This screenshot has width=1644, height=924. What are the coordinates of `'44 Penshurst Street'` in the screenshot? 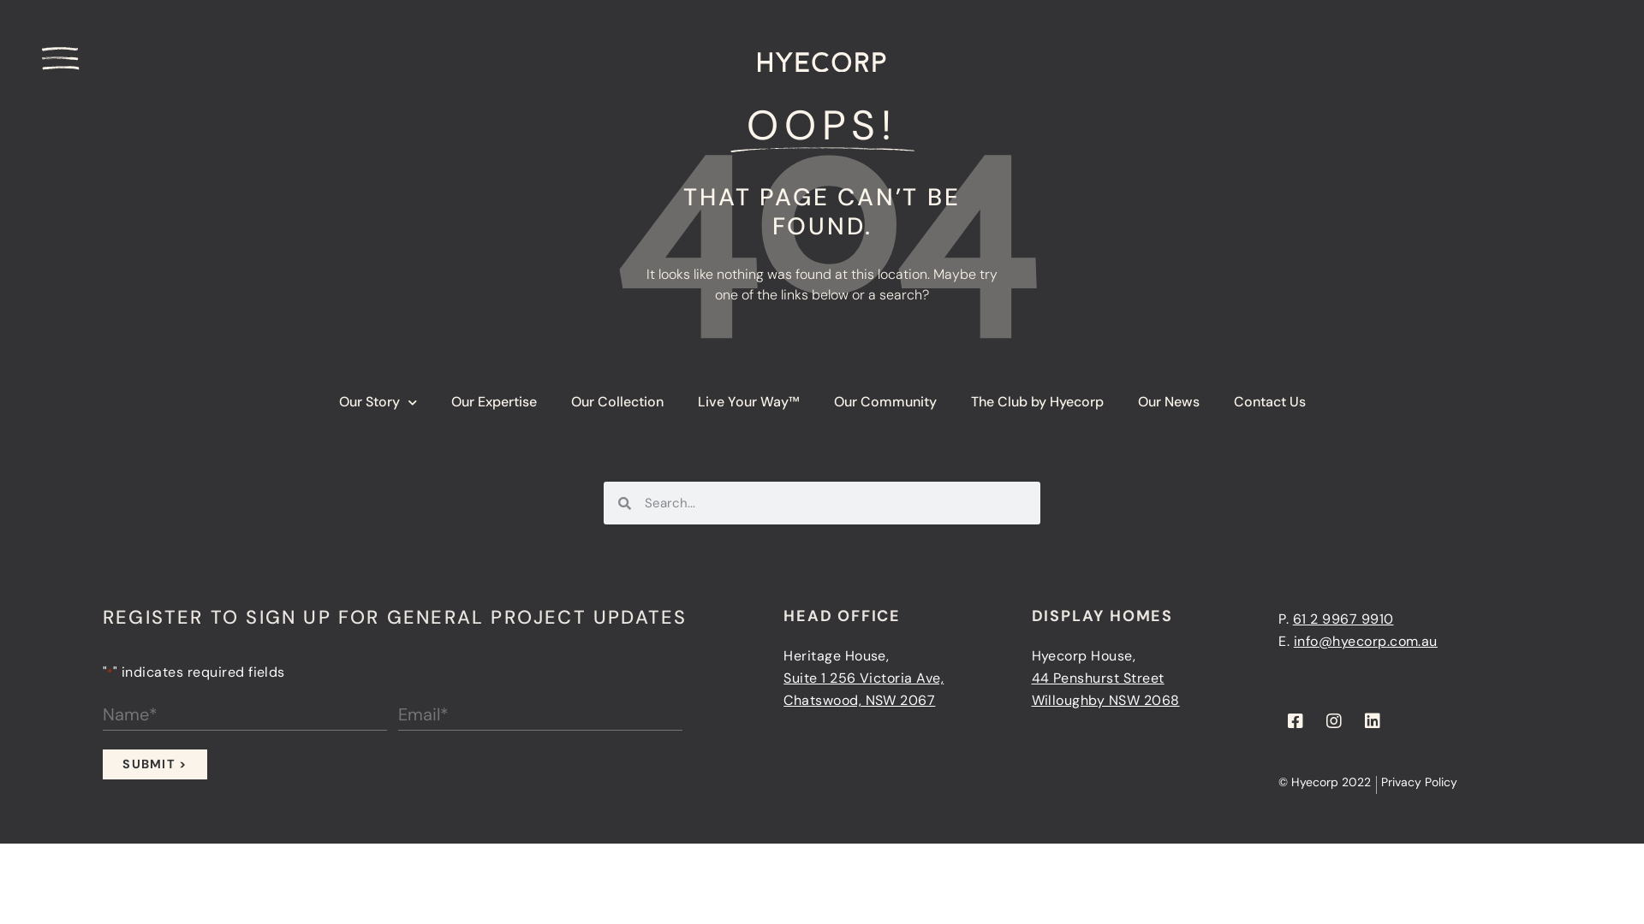 It's located at (1030, 677).